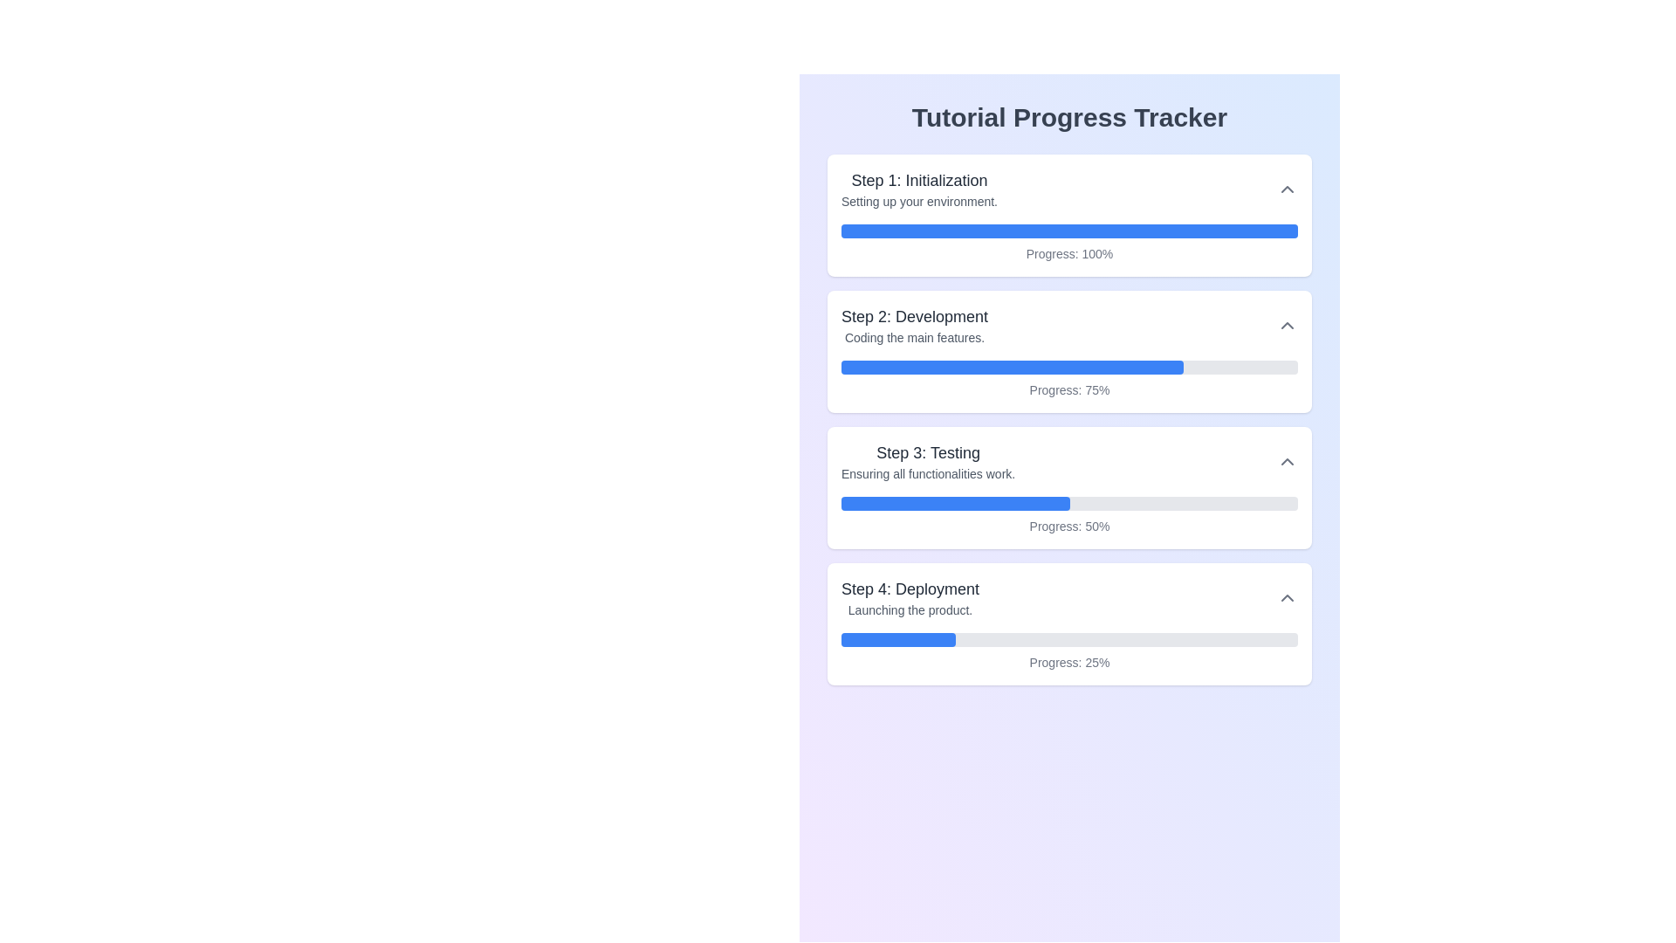 The width and height of the screenshot is (1676, 943). Describe the element at coordinates (1068, 639) in the screenshot. I see `the progress indicator of the horizontal progress bar located in the 'Step 4: Deployment' section, which is the last progress bar in the layout, showing 25% completion` at that location.